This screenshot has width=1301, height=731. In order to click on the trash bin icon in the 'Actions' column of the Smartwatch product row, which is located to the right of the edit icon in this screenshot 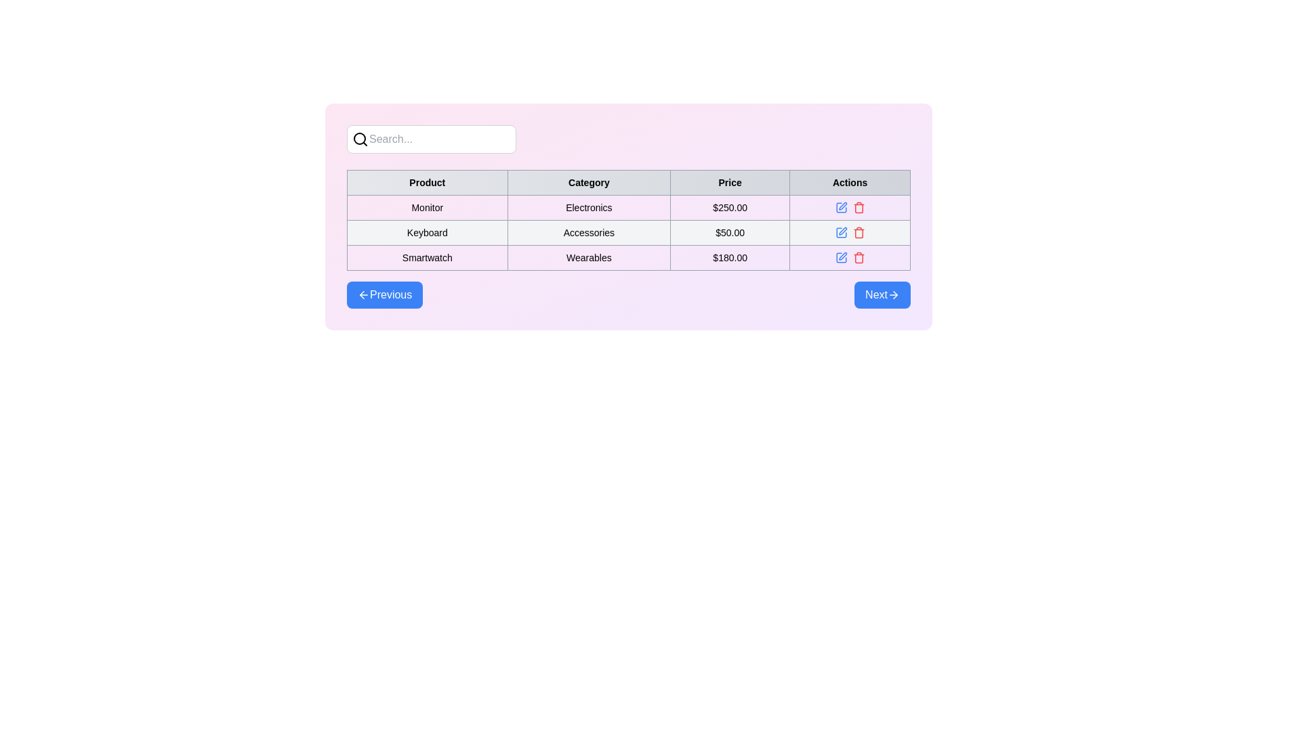, I will do `click(858, 259)`.